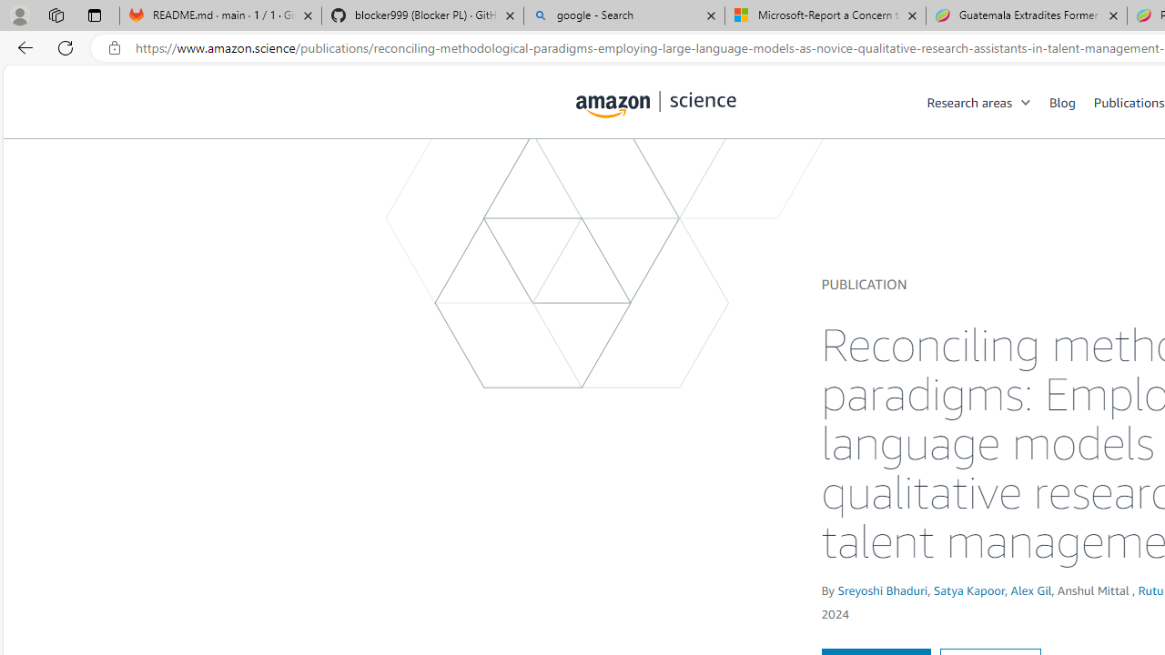  I want to click on 'Satya Kapoor', so click(967, 589).